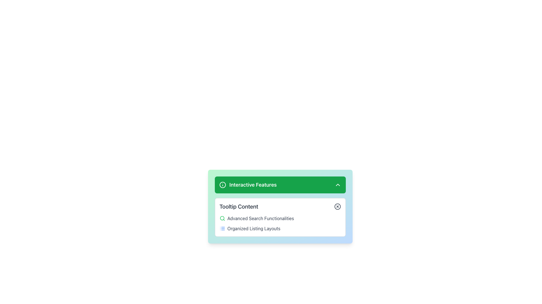  What do you see at coordinates (253, 229) in the screenshot?
I see `the Text Label located within the 'Tooltip Content' section under 'Interactive Features', specifically the second item below 'Advanced Search Functionalities'` at bounding box center [253, 229].